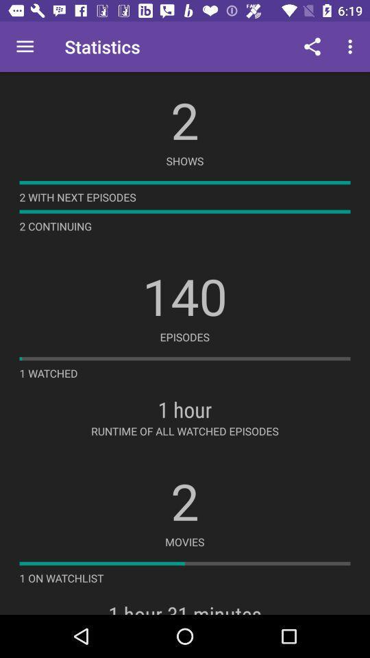 The image size is (370, 658). I want to click on the icon next to statistics, so click(25, 47).